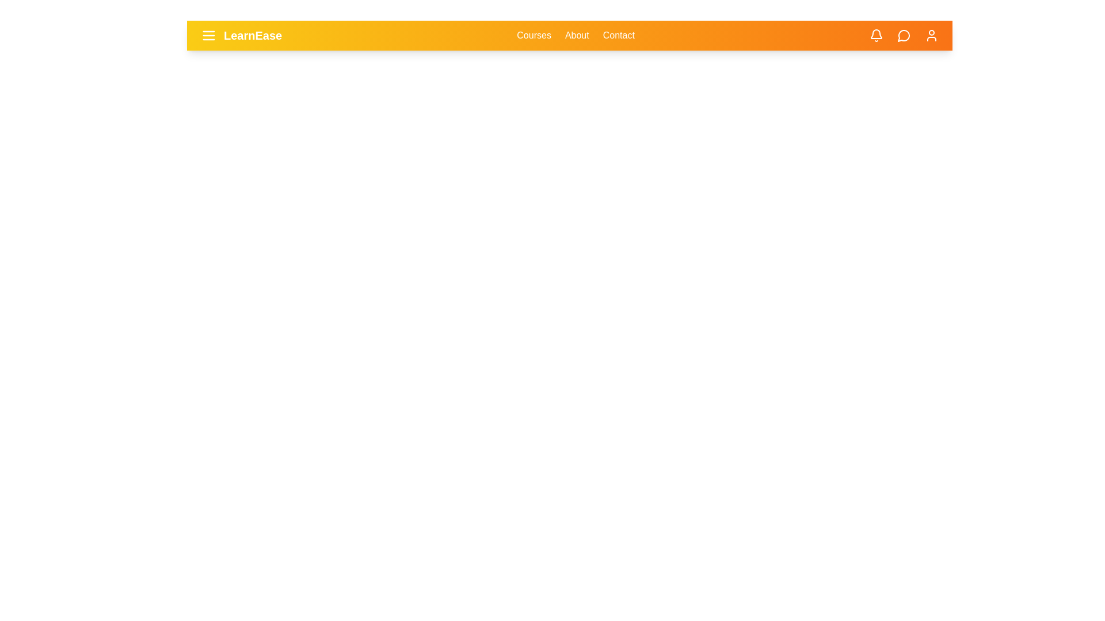 The width and height of the screenshot is (1105, 621). Describe the element at coordinates (533, 34) in the screenshot. I see `the 'Courses' link in the navigation bar to navigate to the 'Courses' page` at that location.